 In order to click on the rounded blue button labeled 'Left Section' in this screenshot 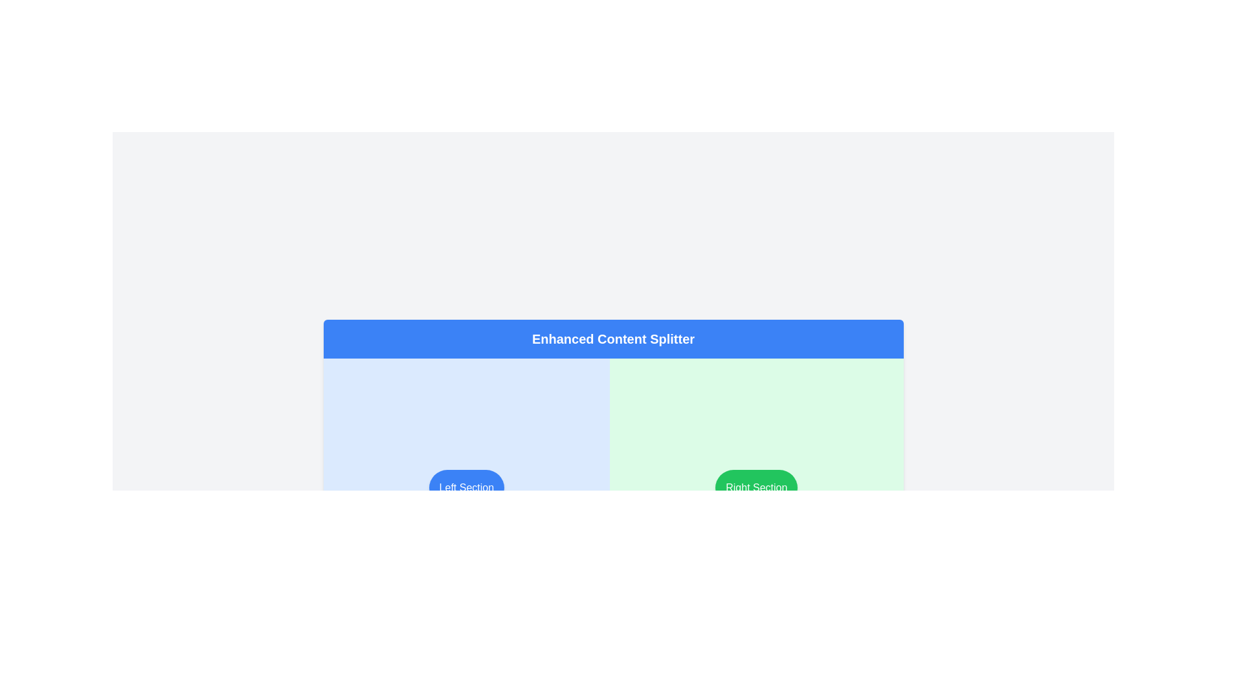, I will do `click(466, 487)`.